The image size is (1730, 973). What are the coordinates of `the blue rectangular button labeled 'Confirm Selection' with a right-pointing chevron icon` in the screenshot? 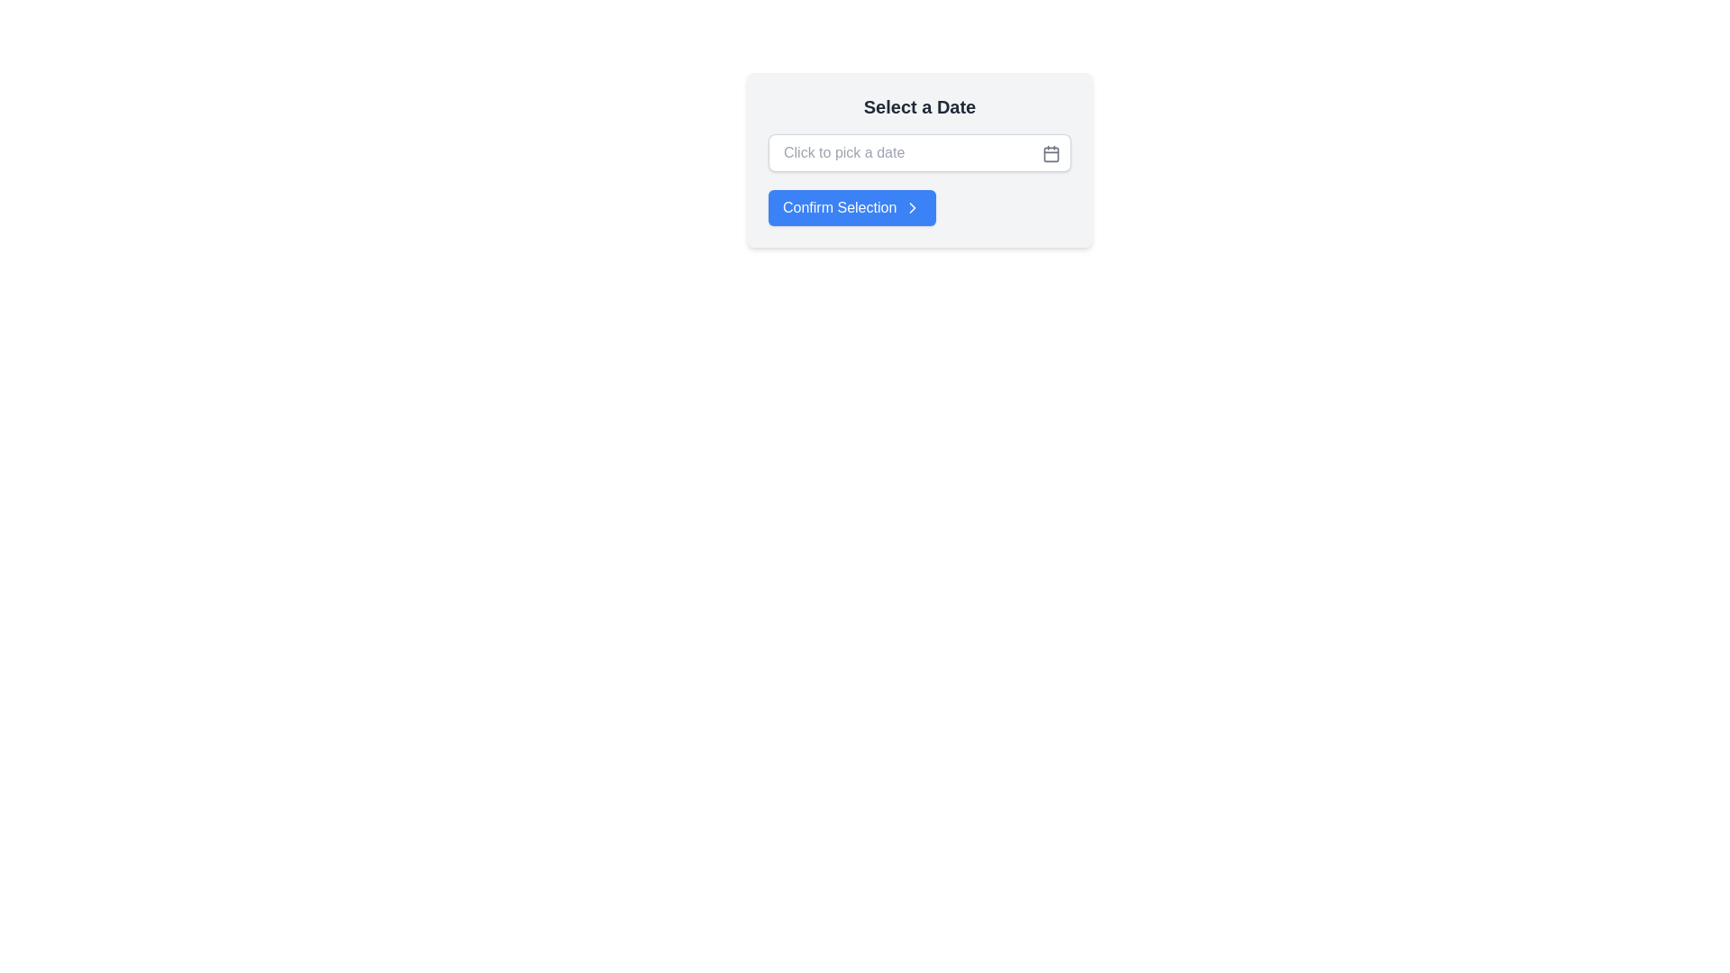 It's located at (851, 207).